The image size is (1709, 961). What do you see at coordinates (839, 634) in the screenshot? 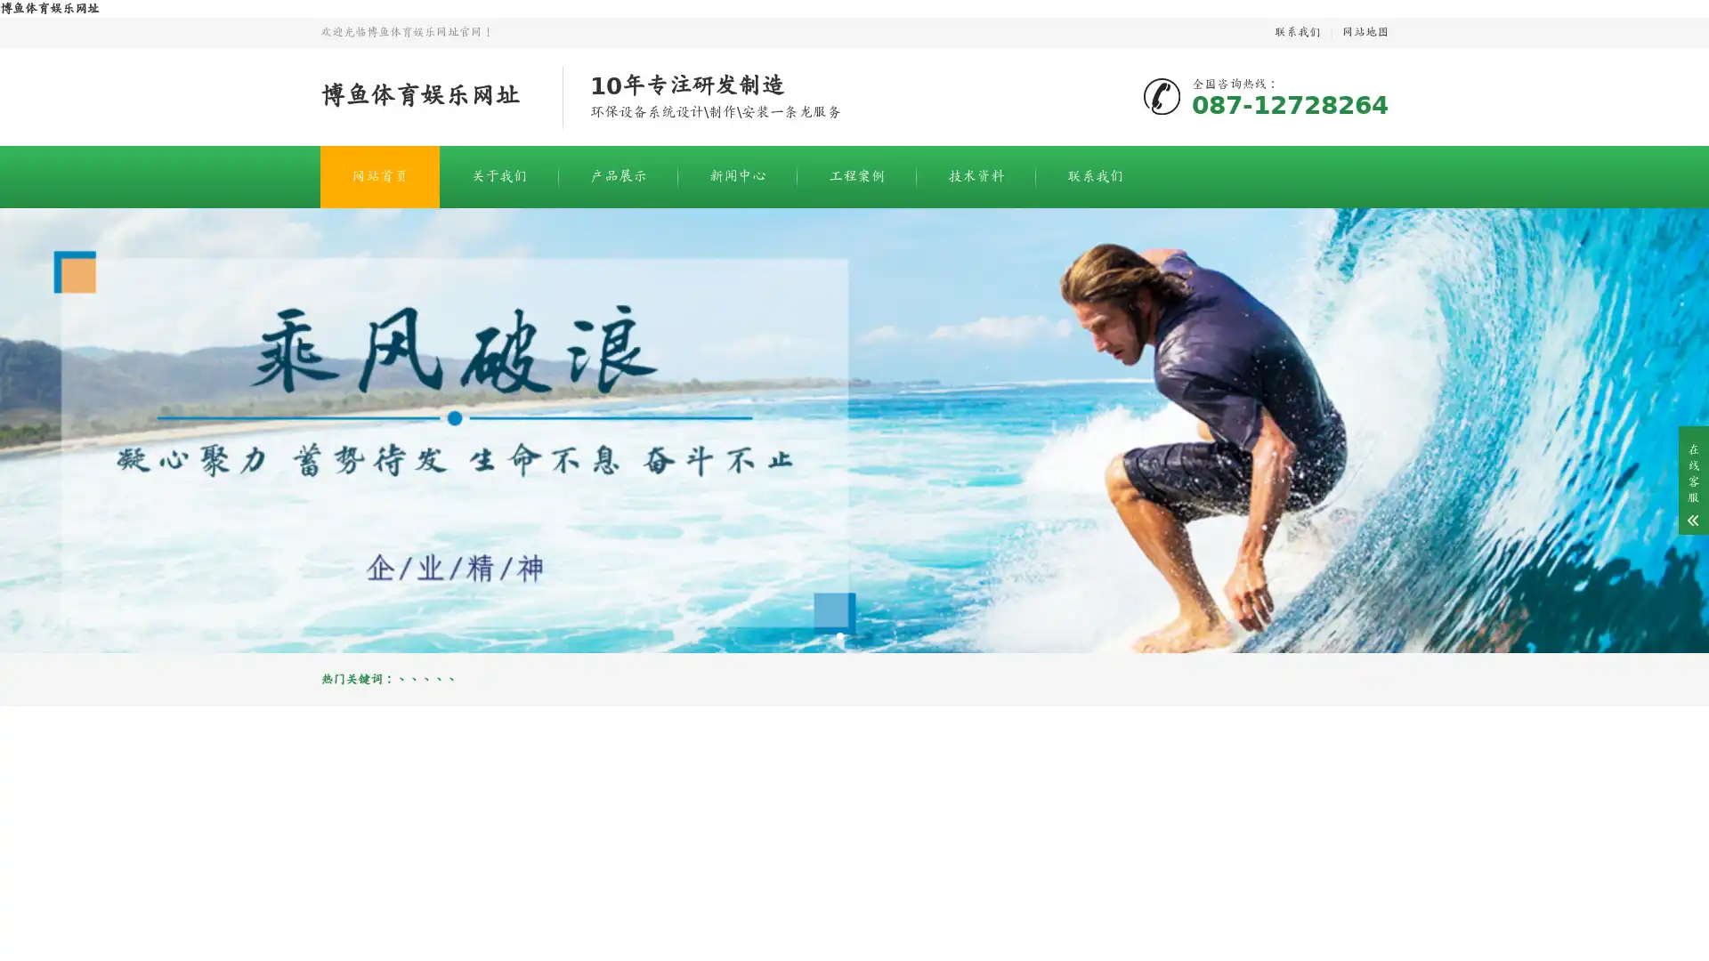
I see `Go to slide 1` at bounding box center [839, 634].